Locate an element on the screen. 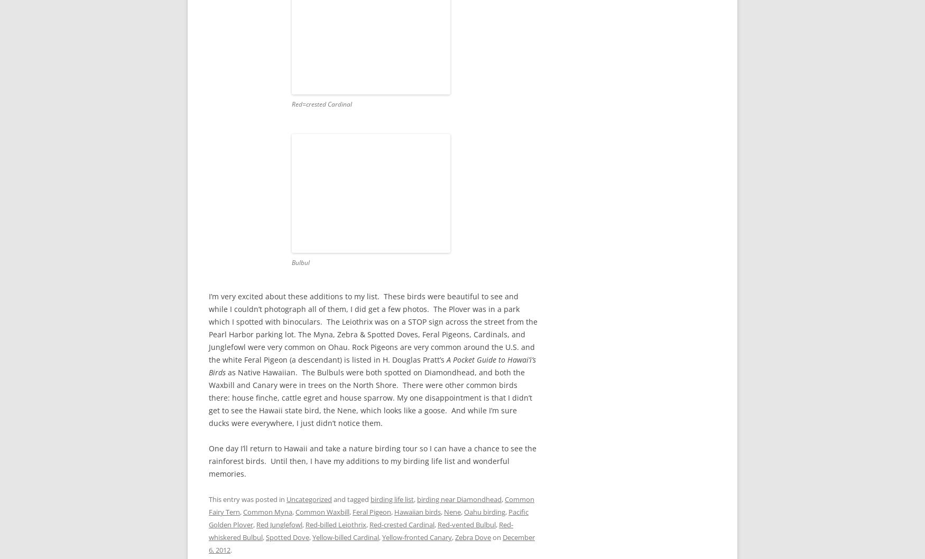 The width and height of the screenshot is (925, 559). '.' is located at coordinates (229, 549).